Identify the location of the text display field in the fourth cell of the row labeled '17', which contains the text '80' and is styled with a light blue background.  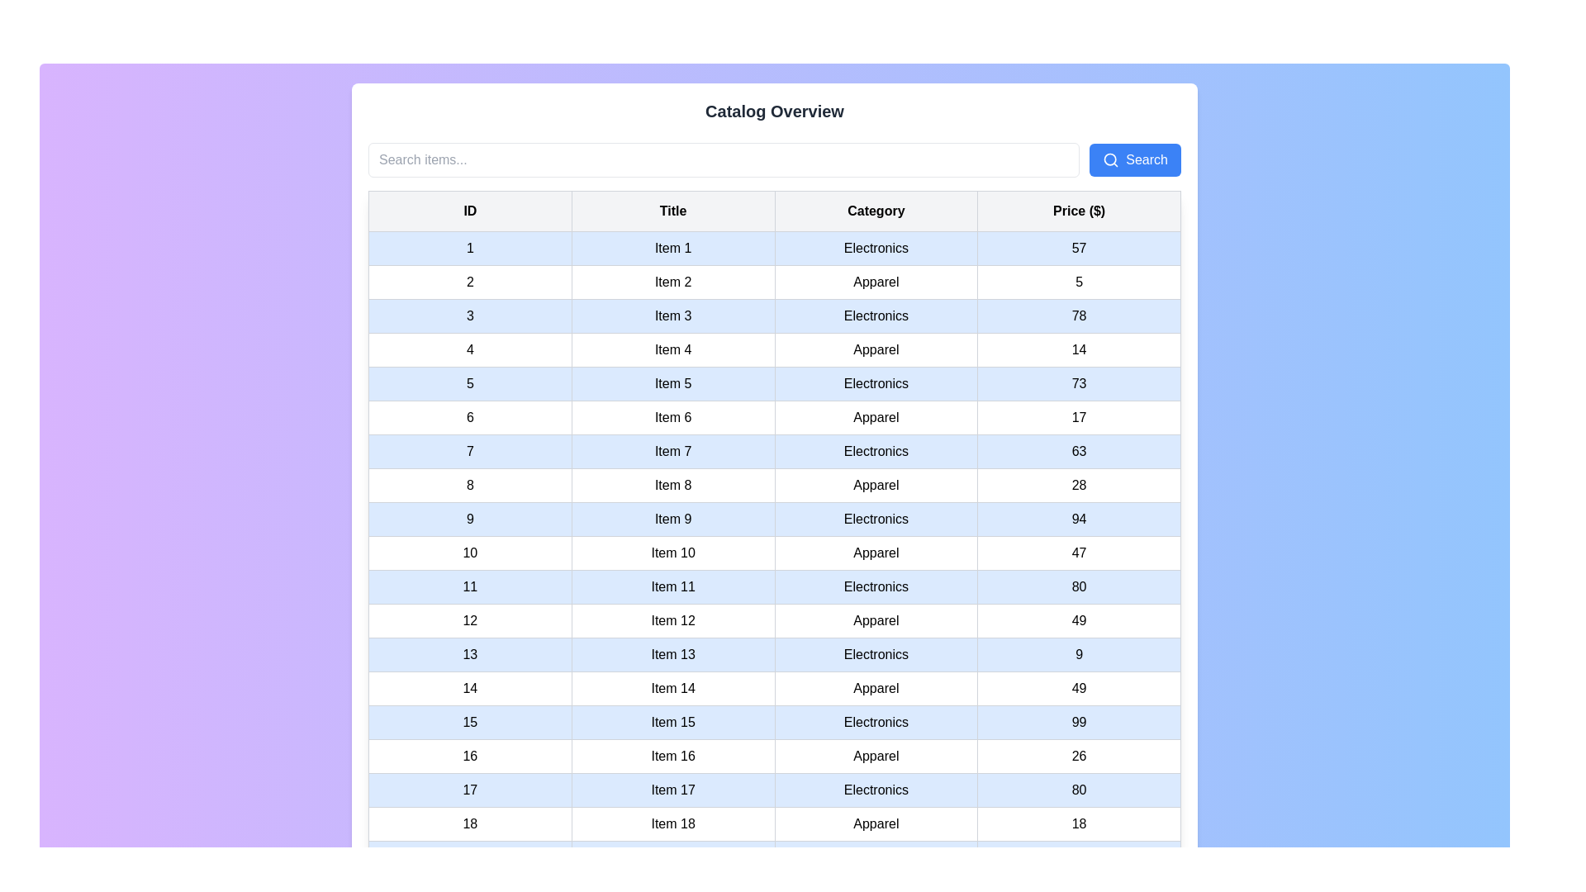
(1079, 789).